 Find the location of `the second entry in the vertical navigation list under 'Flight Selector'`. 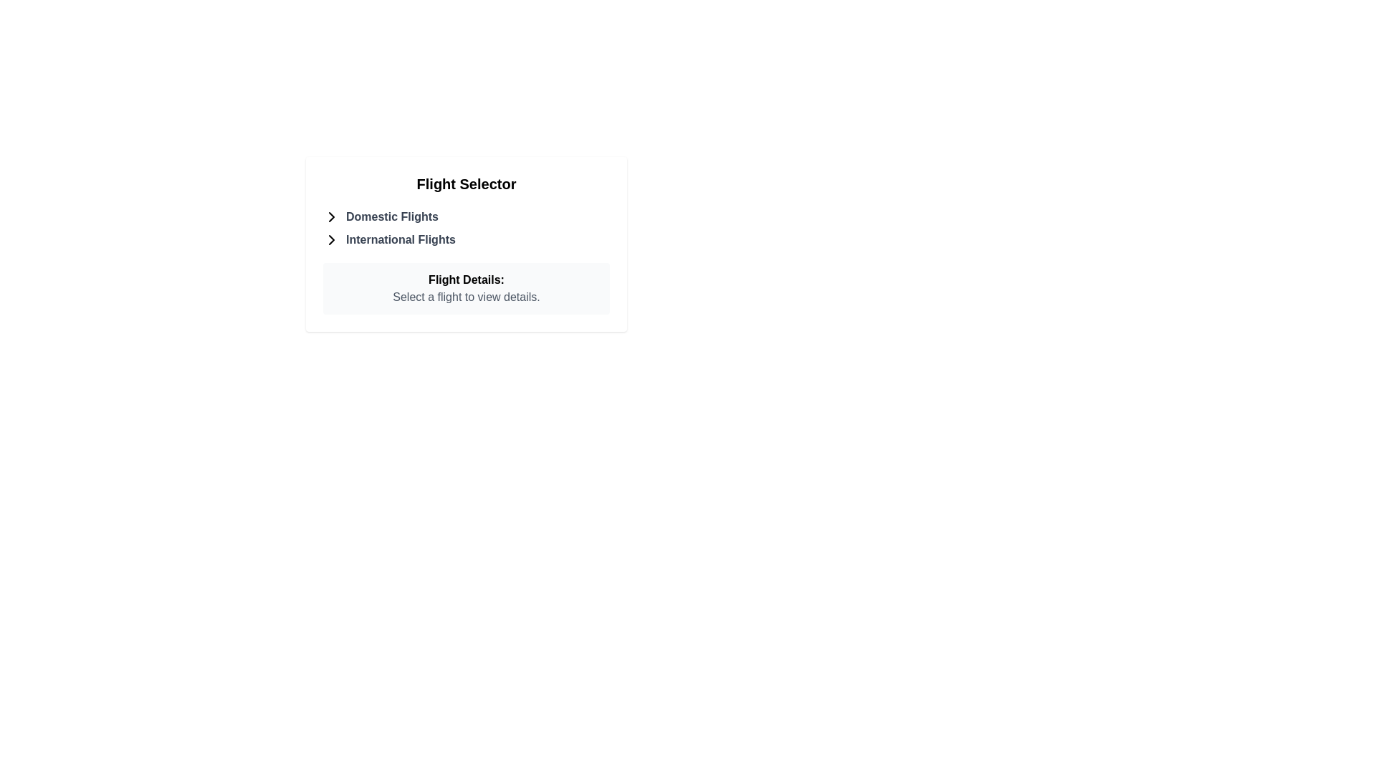

the second entry in the vertical navigation list under 'Flight Selector' is located at coordinates (467, 239).